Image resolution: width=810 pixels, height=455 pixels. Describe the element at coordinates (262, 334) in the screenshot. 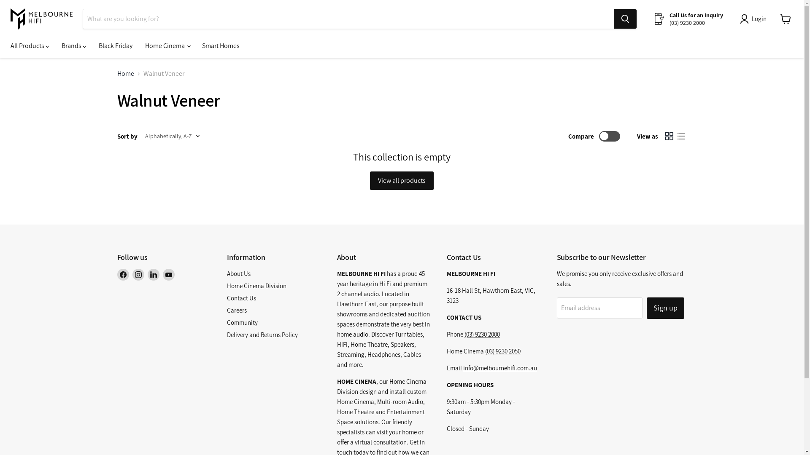

I see `'Delivery and Returns Policy'` at that location.